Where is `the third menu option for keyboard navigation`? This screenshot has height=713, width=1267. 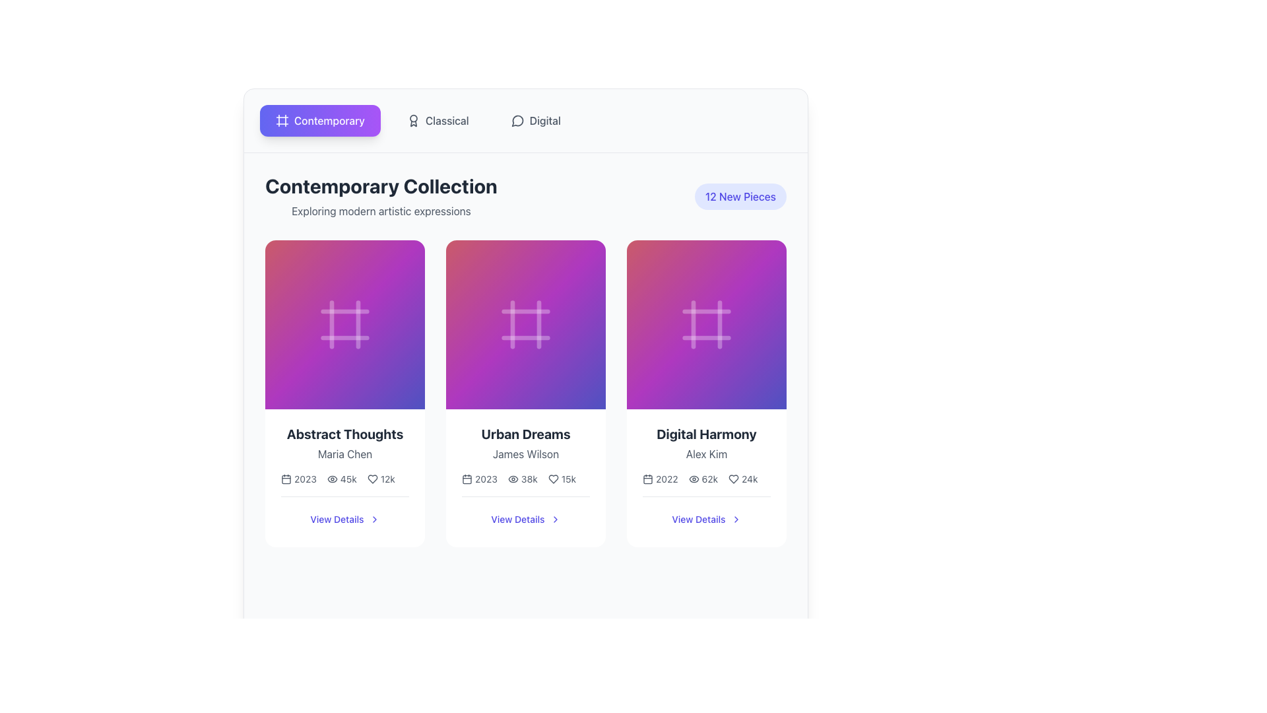 the third menu option for keyboard navigation is located at coordinates (525, 120).